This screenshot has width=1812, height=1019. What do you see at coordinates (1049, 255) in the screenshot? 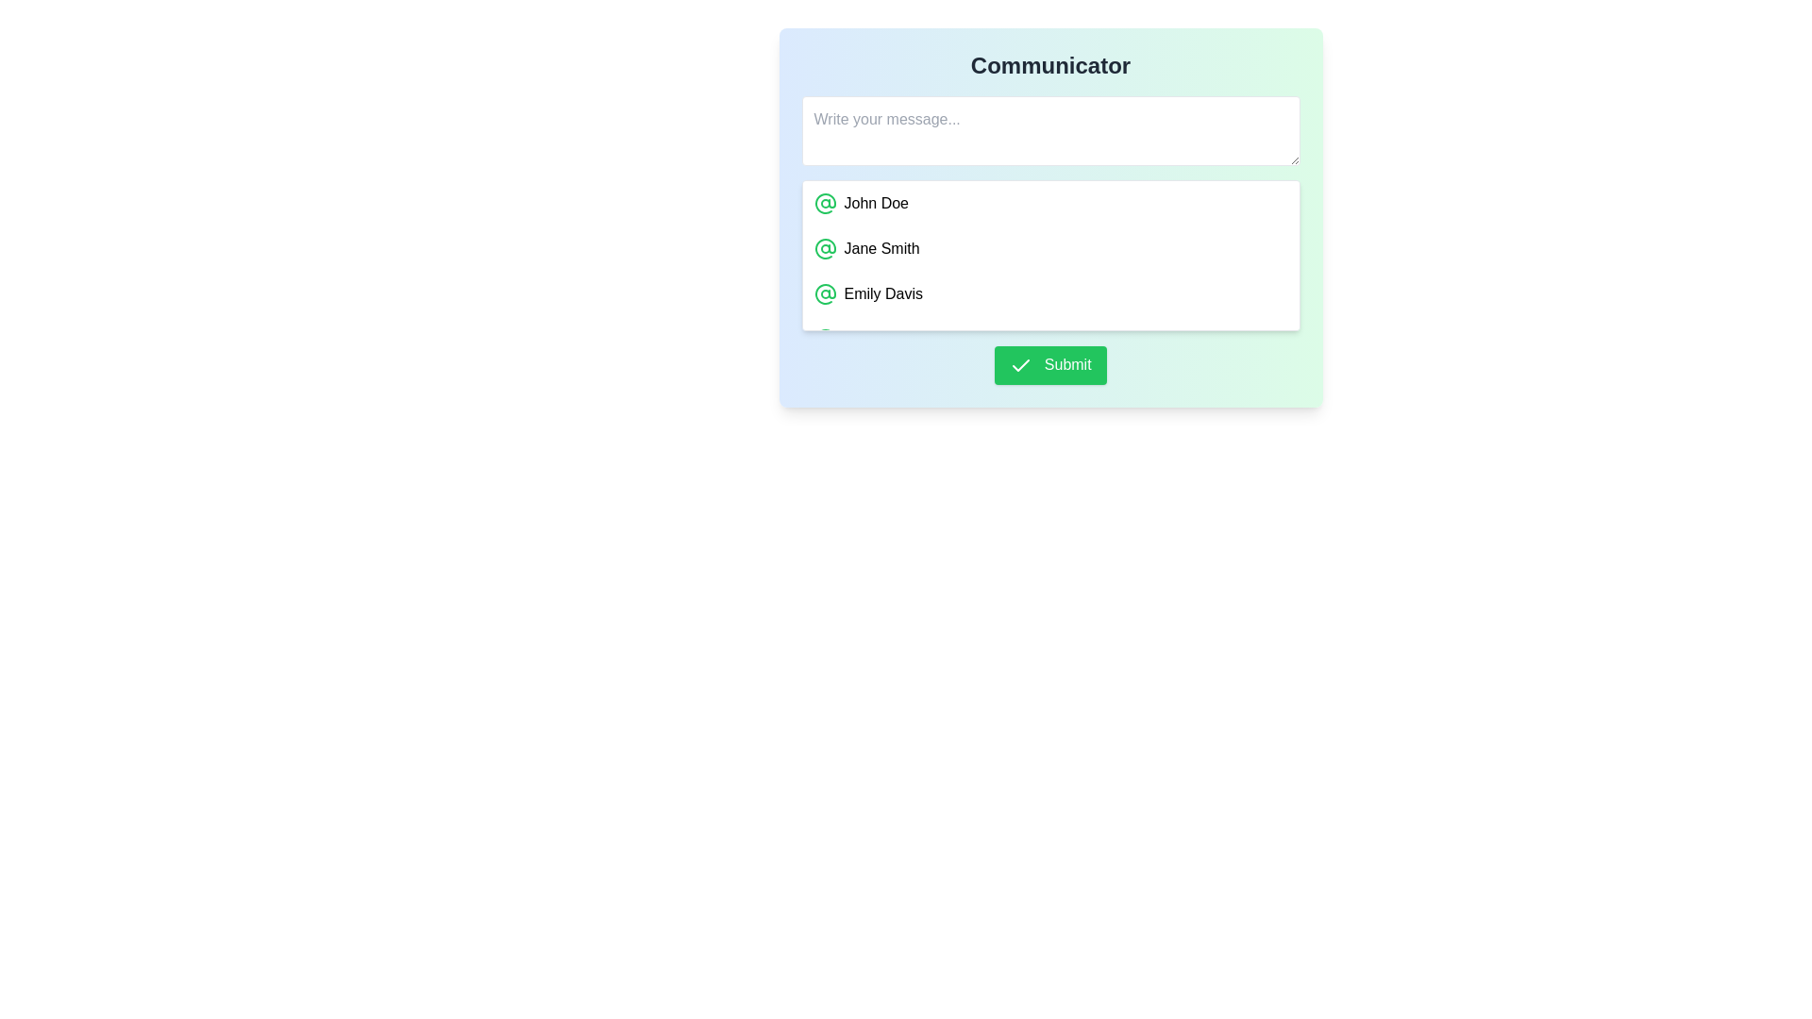
I see `the Scrollable List Box located below the 'Write your message...' input field and above the green 'Submit' button` at bounding box center [1049, 255].